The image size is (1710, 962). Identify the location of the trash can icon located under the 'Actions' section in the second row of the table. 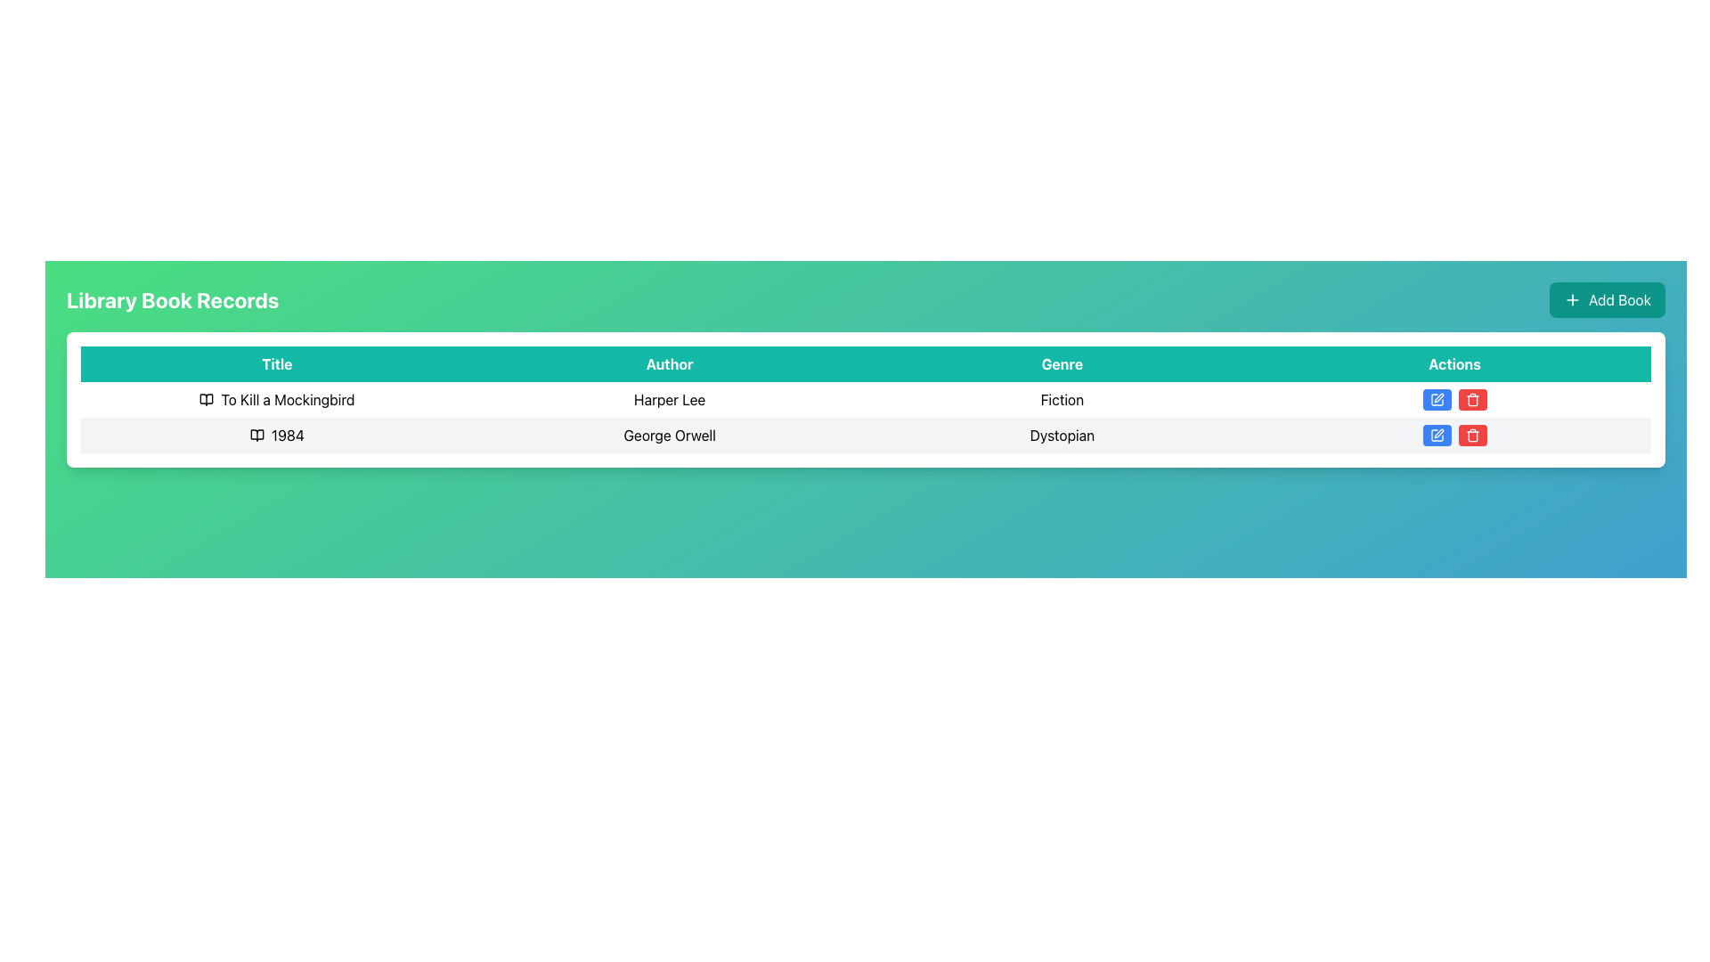
(1472, 436).